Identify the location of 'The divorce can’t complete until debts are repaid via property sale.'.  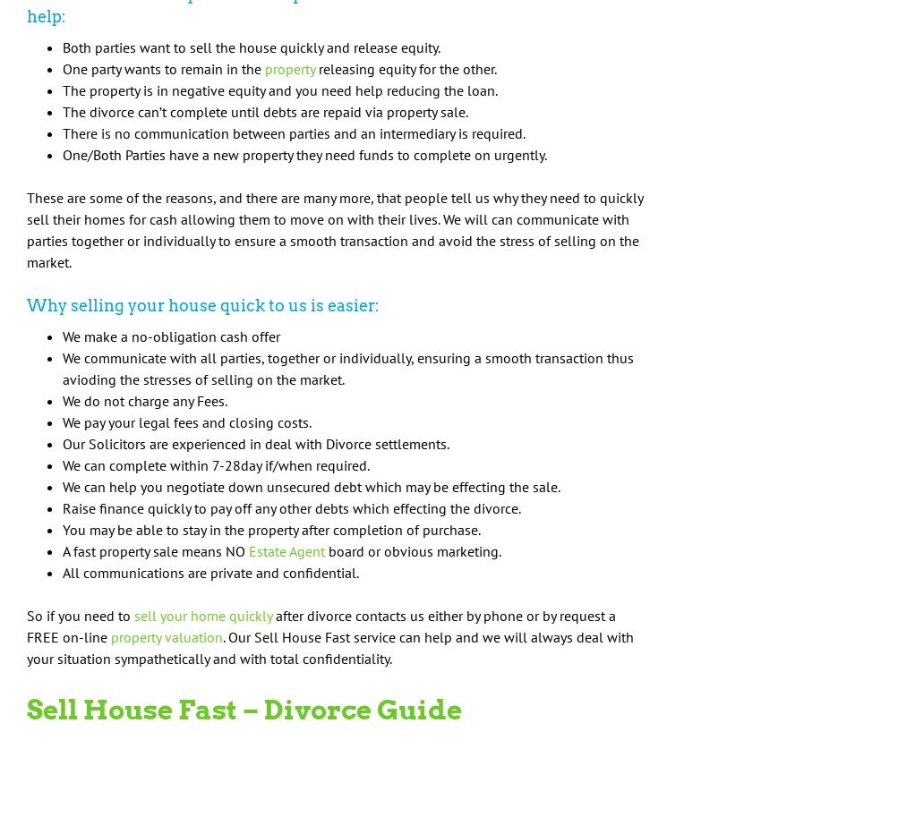
(264, 109).